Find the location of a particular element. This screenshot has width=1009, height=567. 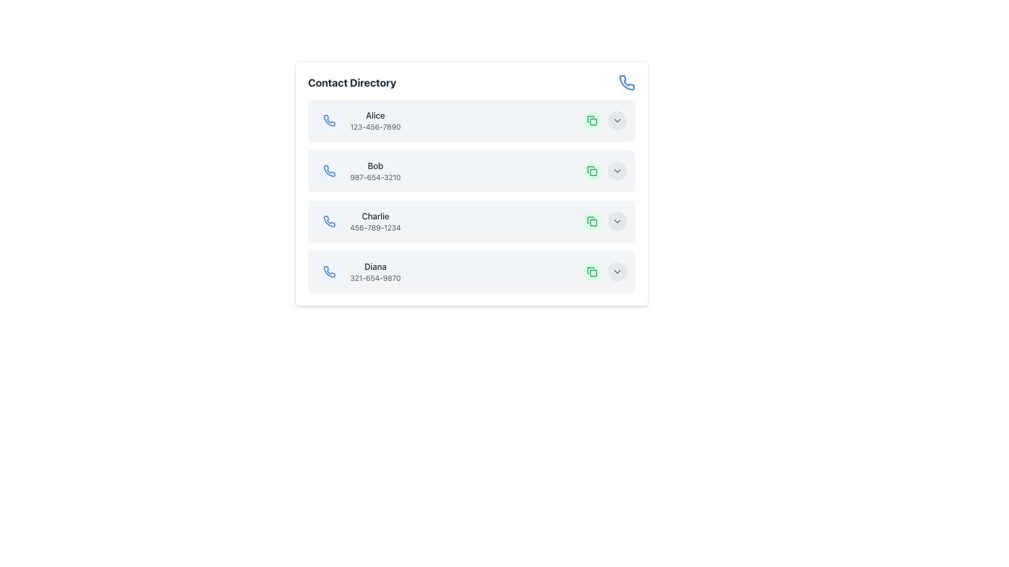

the text label displaying 'Charlie' which is located above the phone number '456-789-1234' in the contact entry section of the directory interface is located at coordinates (375, 216).